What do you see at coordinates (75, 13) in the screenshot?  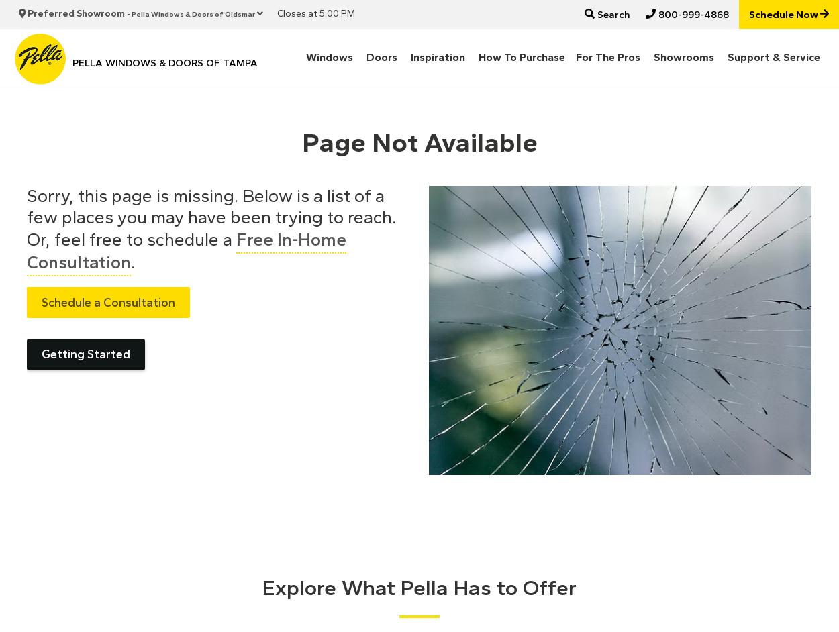 I see `'Preferred Showroom'` at bounding box center [75, 13].